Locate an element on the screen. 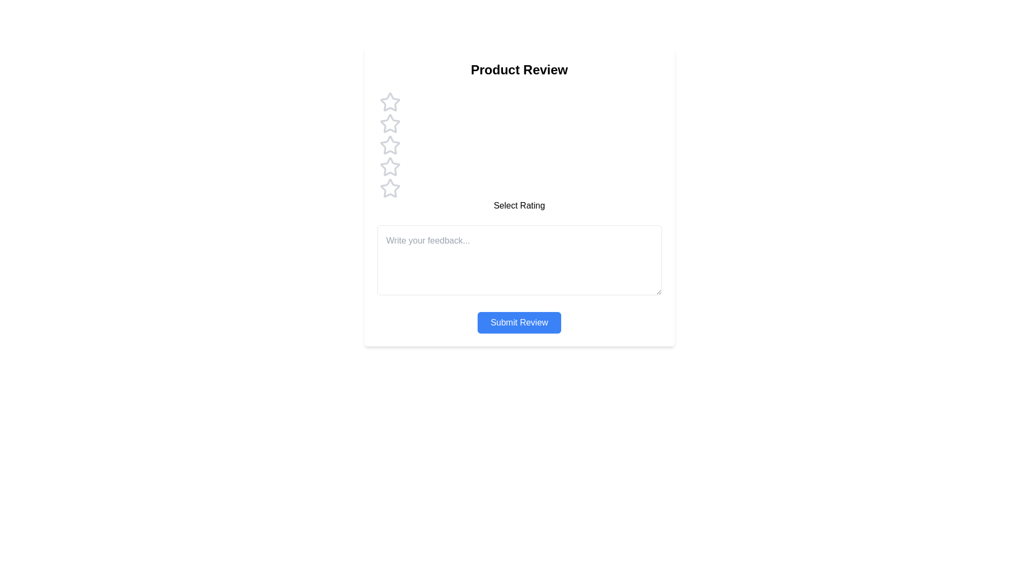  the submission button for the review process, which is located at the bottom of the feedback card in the center of the interface is located at coordinates (519, 322).